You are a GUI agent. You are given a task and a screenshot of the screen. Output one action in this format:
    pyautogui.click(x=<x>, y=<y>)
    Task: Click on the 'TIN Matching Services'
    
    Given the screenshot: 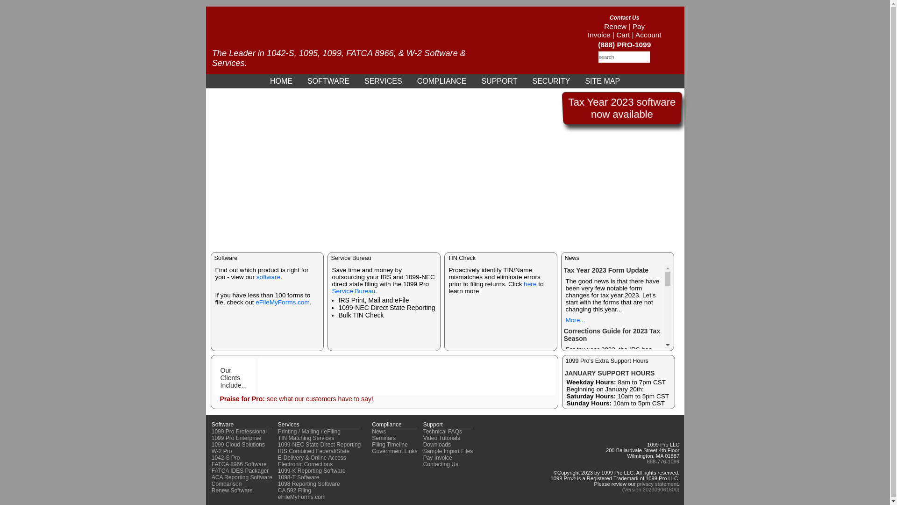 What is the action you would take?
    pyautogui.click(x=306, y=438)
    